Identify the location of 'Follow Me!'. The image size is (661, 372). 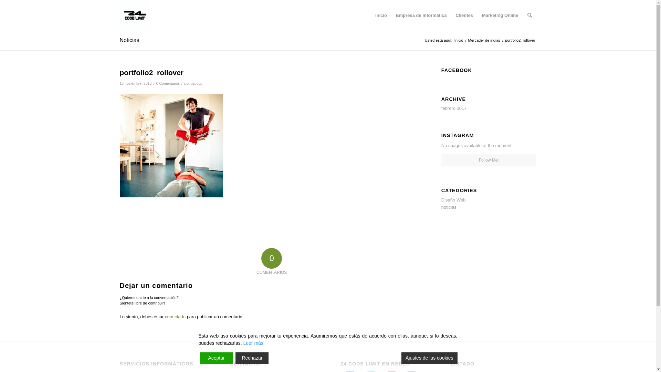
(441, 160).